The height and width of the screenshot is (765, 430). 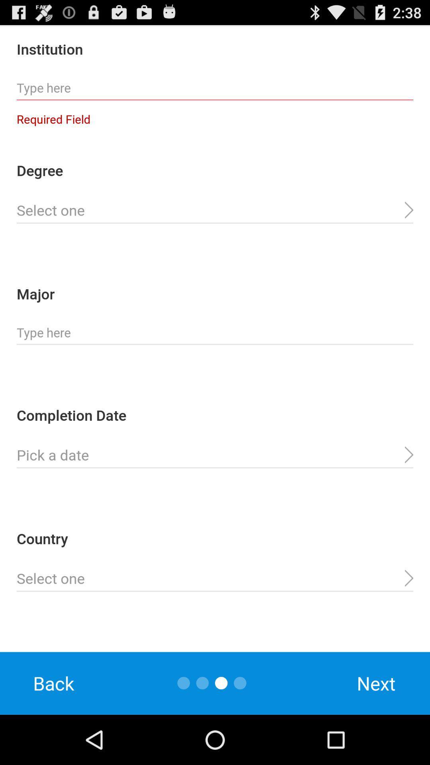 What do you see at coordinates (215, 455) in the screenshot?
I see `completion date` at bounding box center [215, 455].